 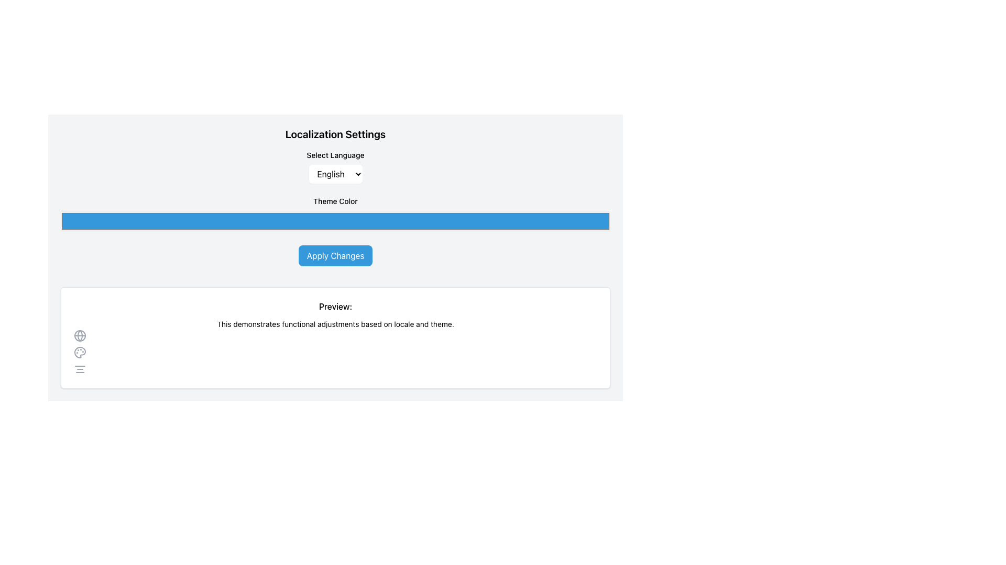 I want to click on the dropdown menu displaying 'English' in the 'Localization Settings' section, so click(x=335, y=173).